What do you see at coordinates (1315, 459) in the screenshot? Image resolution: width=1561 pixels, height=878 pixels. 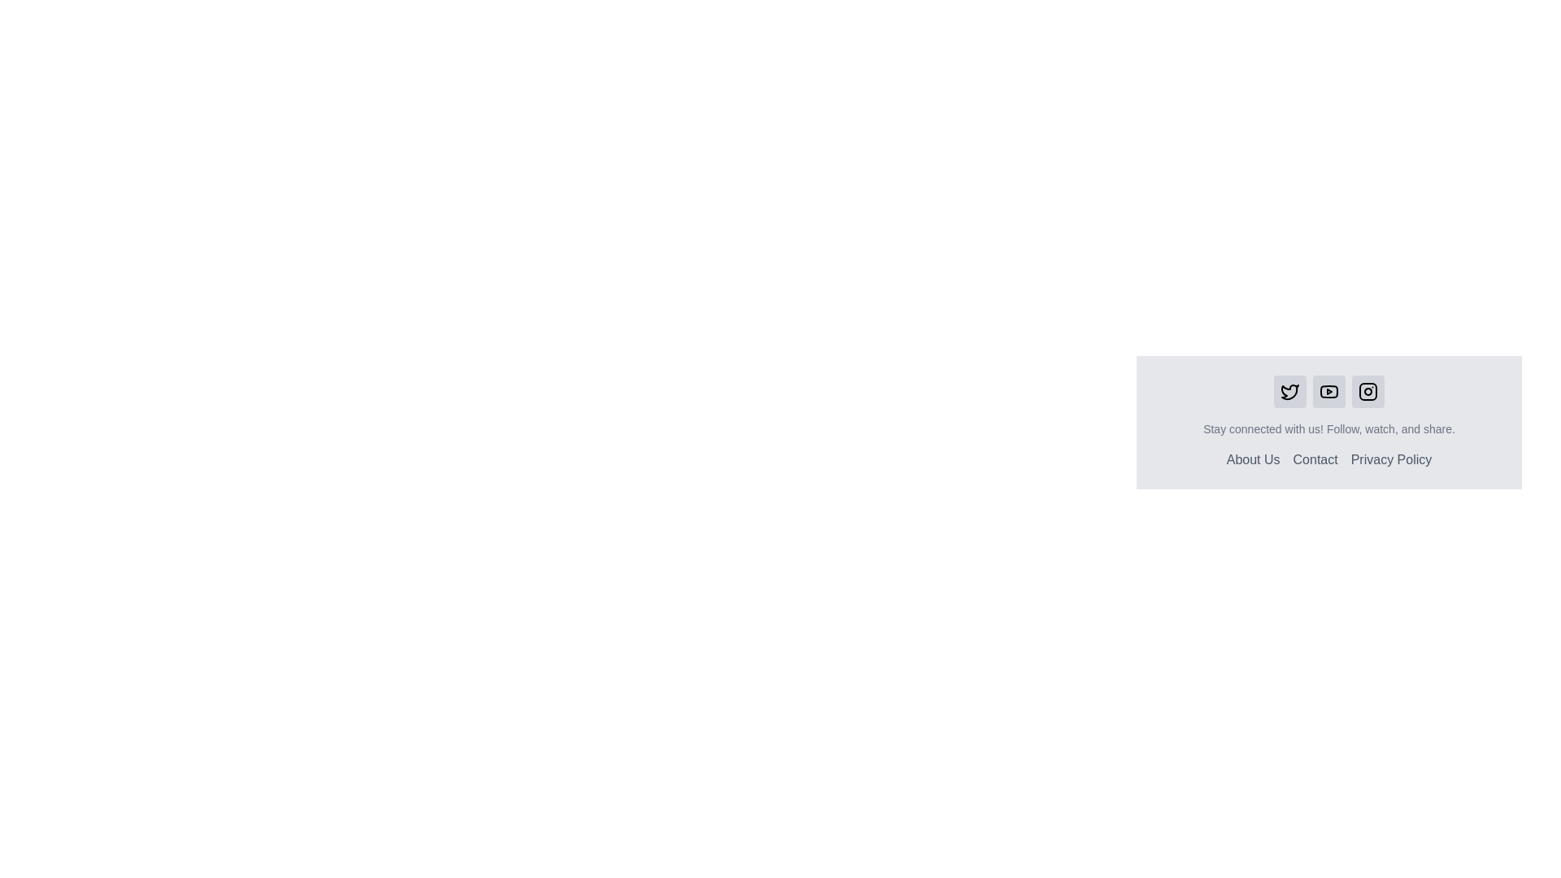 I see `the 'Contact' hyperlink in the footer` at bounding box center [1315, 459].